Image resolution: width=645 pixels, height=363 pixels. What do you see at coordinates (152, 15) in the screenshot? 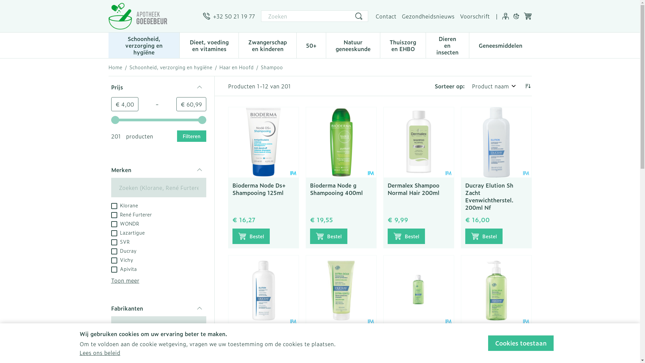
I see `'Apotheek L. Goegebeur'` at bounding box center [152, 15].